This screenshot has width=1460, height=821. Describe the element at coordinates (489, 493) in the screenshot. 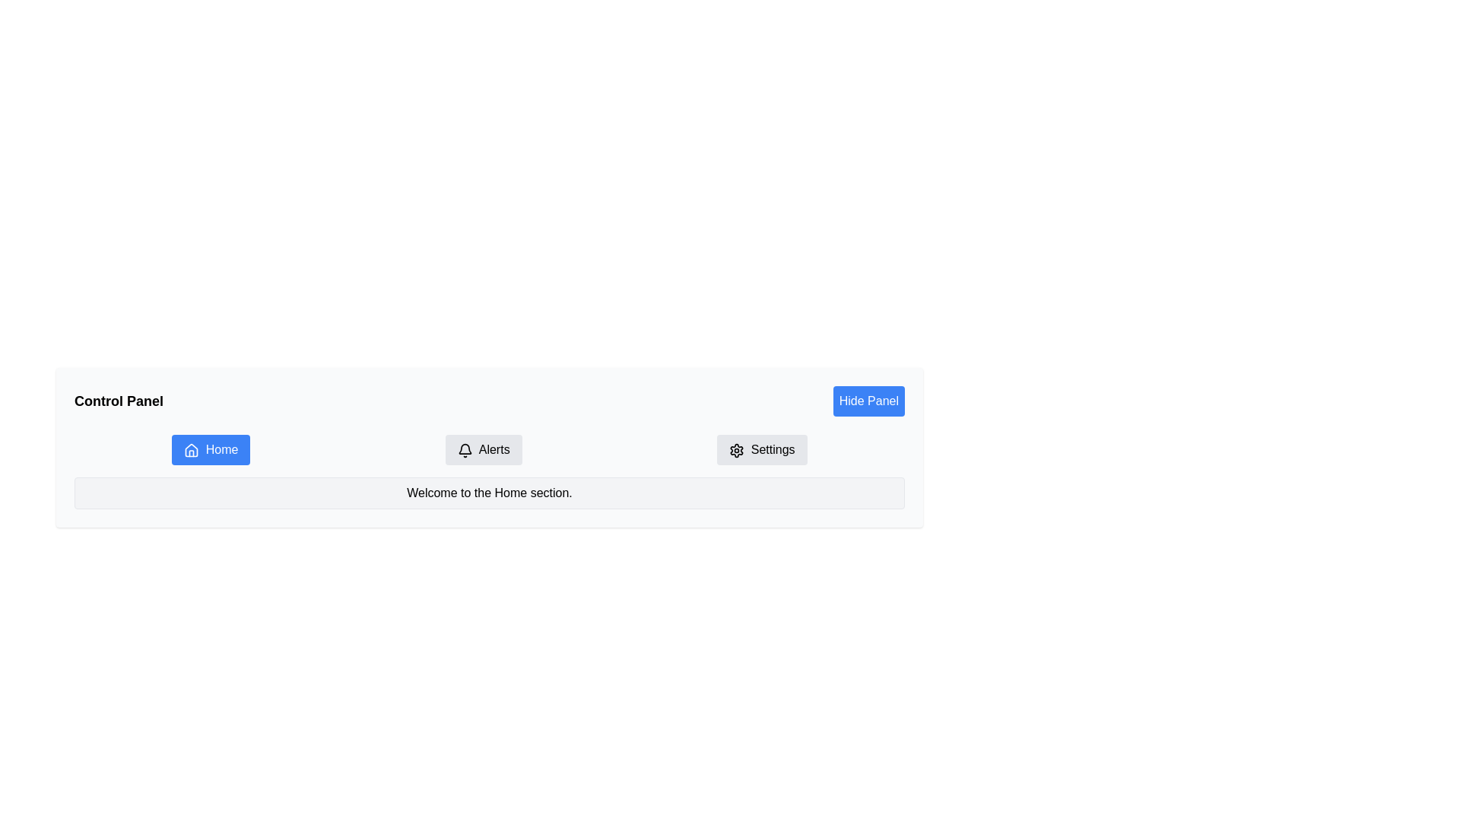

I see `text displayed in the Text Display Box, which shows 'Welcome to the Home section.'` at that location.